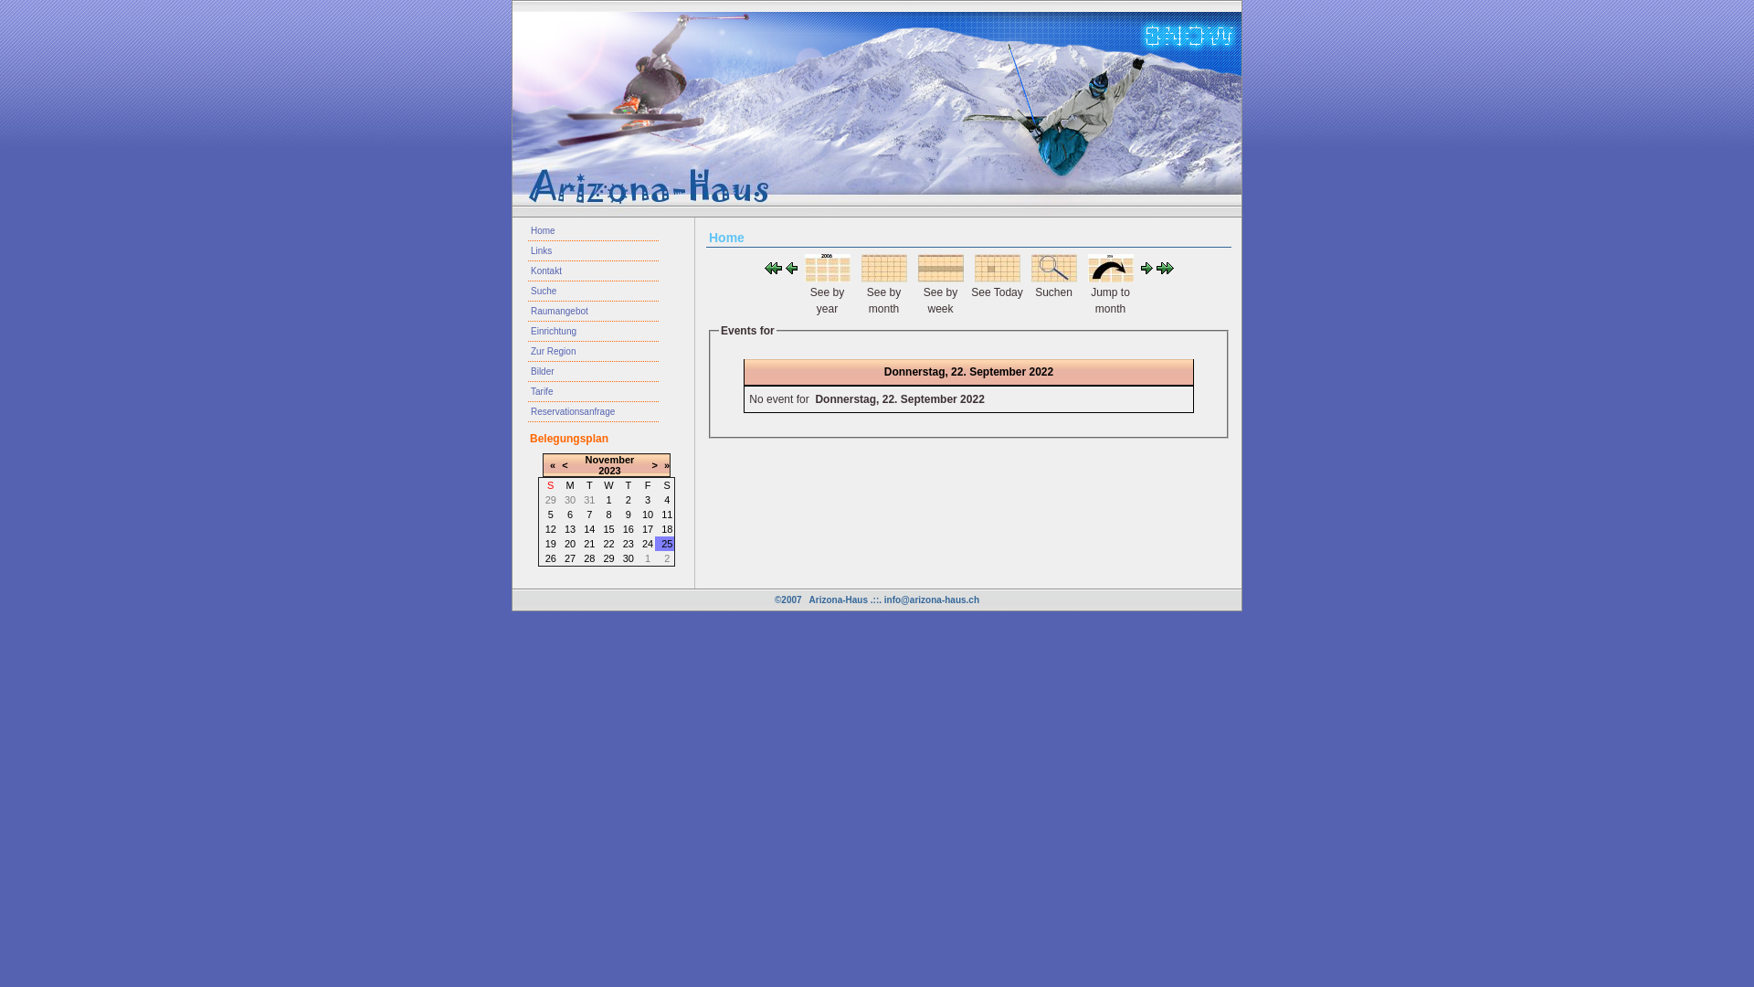 The width and height of the screenshot is (1754, 987). I want to click on '24', so click(648, 542).